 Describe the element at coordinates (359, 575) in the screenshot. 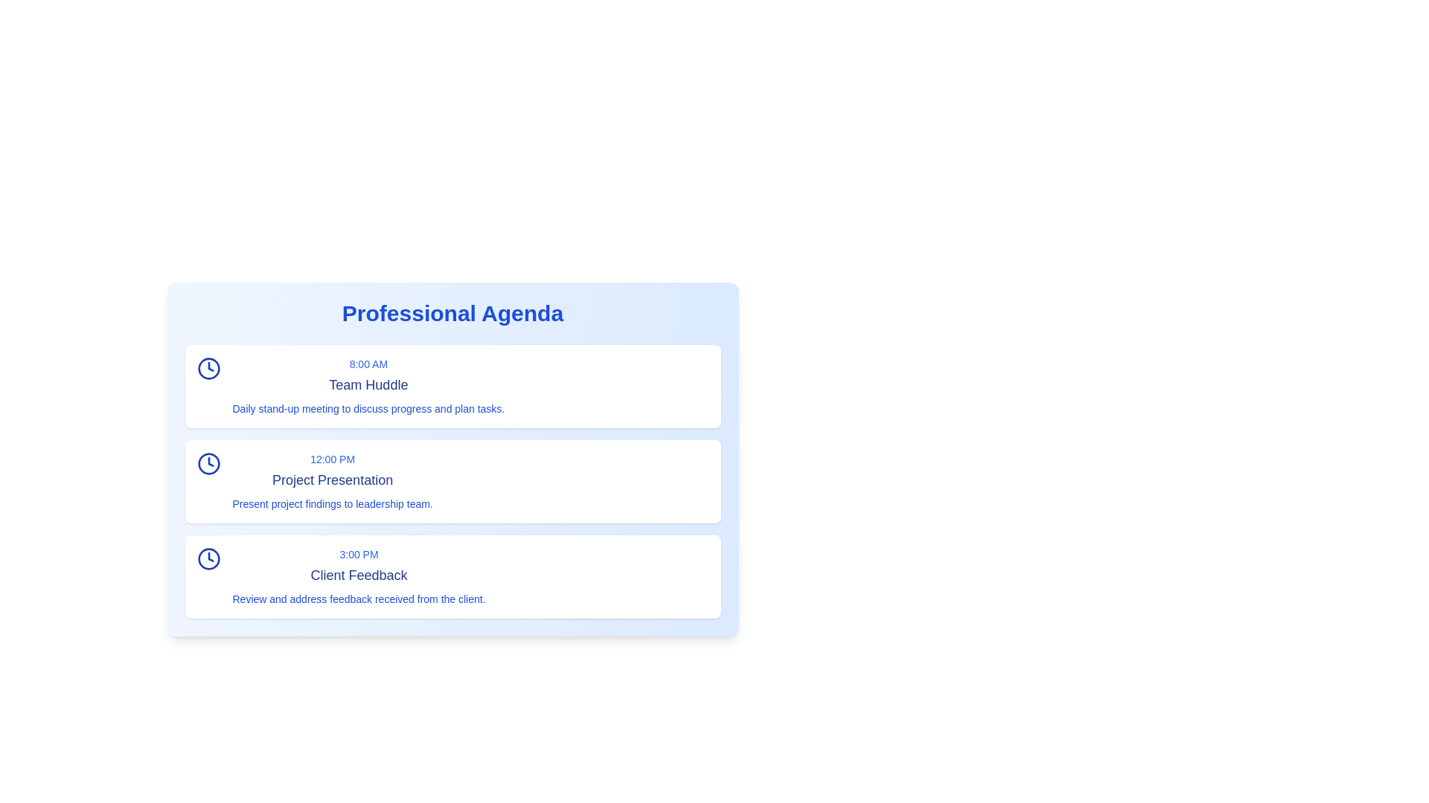

I see `the Informational text block displaying '3:00 PM', 'Client Feedback', and 'Review and address feedback received from the client' which is the third block in a vertically arranged list of white rectangular blocks` at that location.